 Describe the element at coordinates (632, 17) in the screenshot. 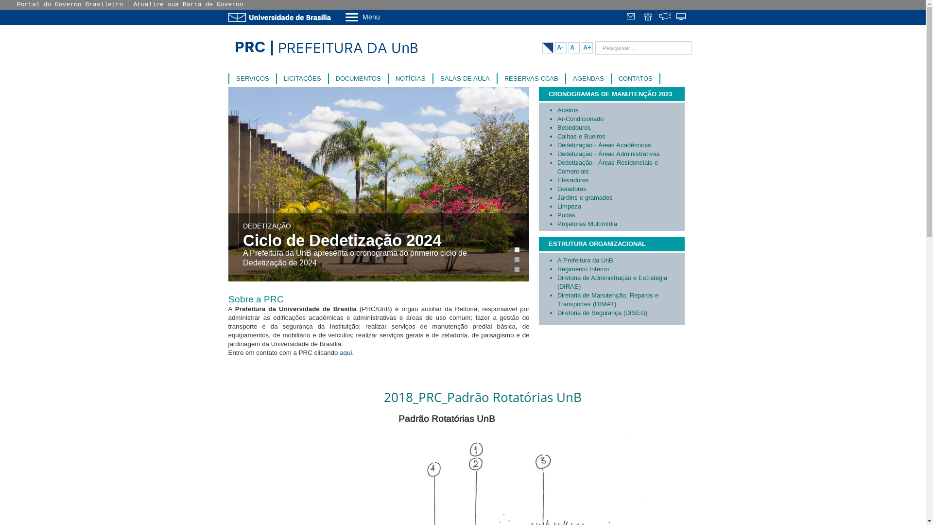

I see `' '` at that location.